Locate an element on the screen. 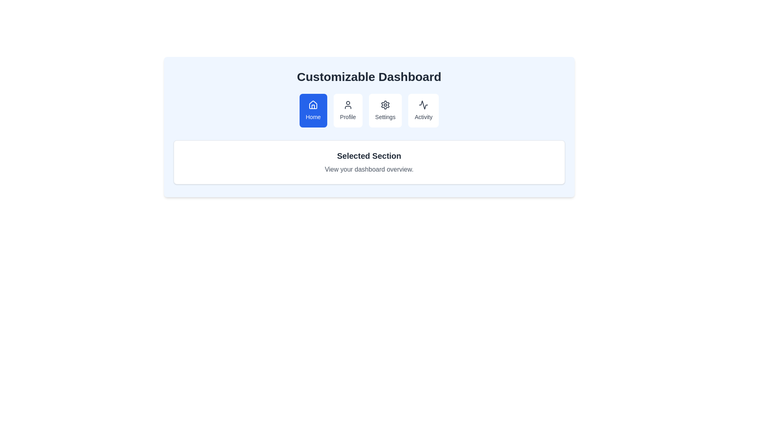 This screenshot has width=770, height=433. the second navigational button from the left is located at coordinates (348, 111).